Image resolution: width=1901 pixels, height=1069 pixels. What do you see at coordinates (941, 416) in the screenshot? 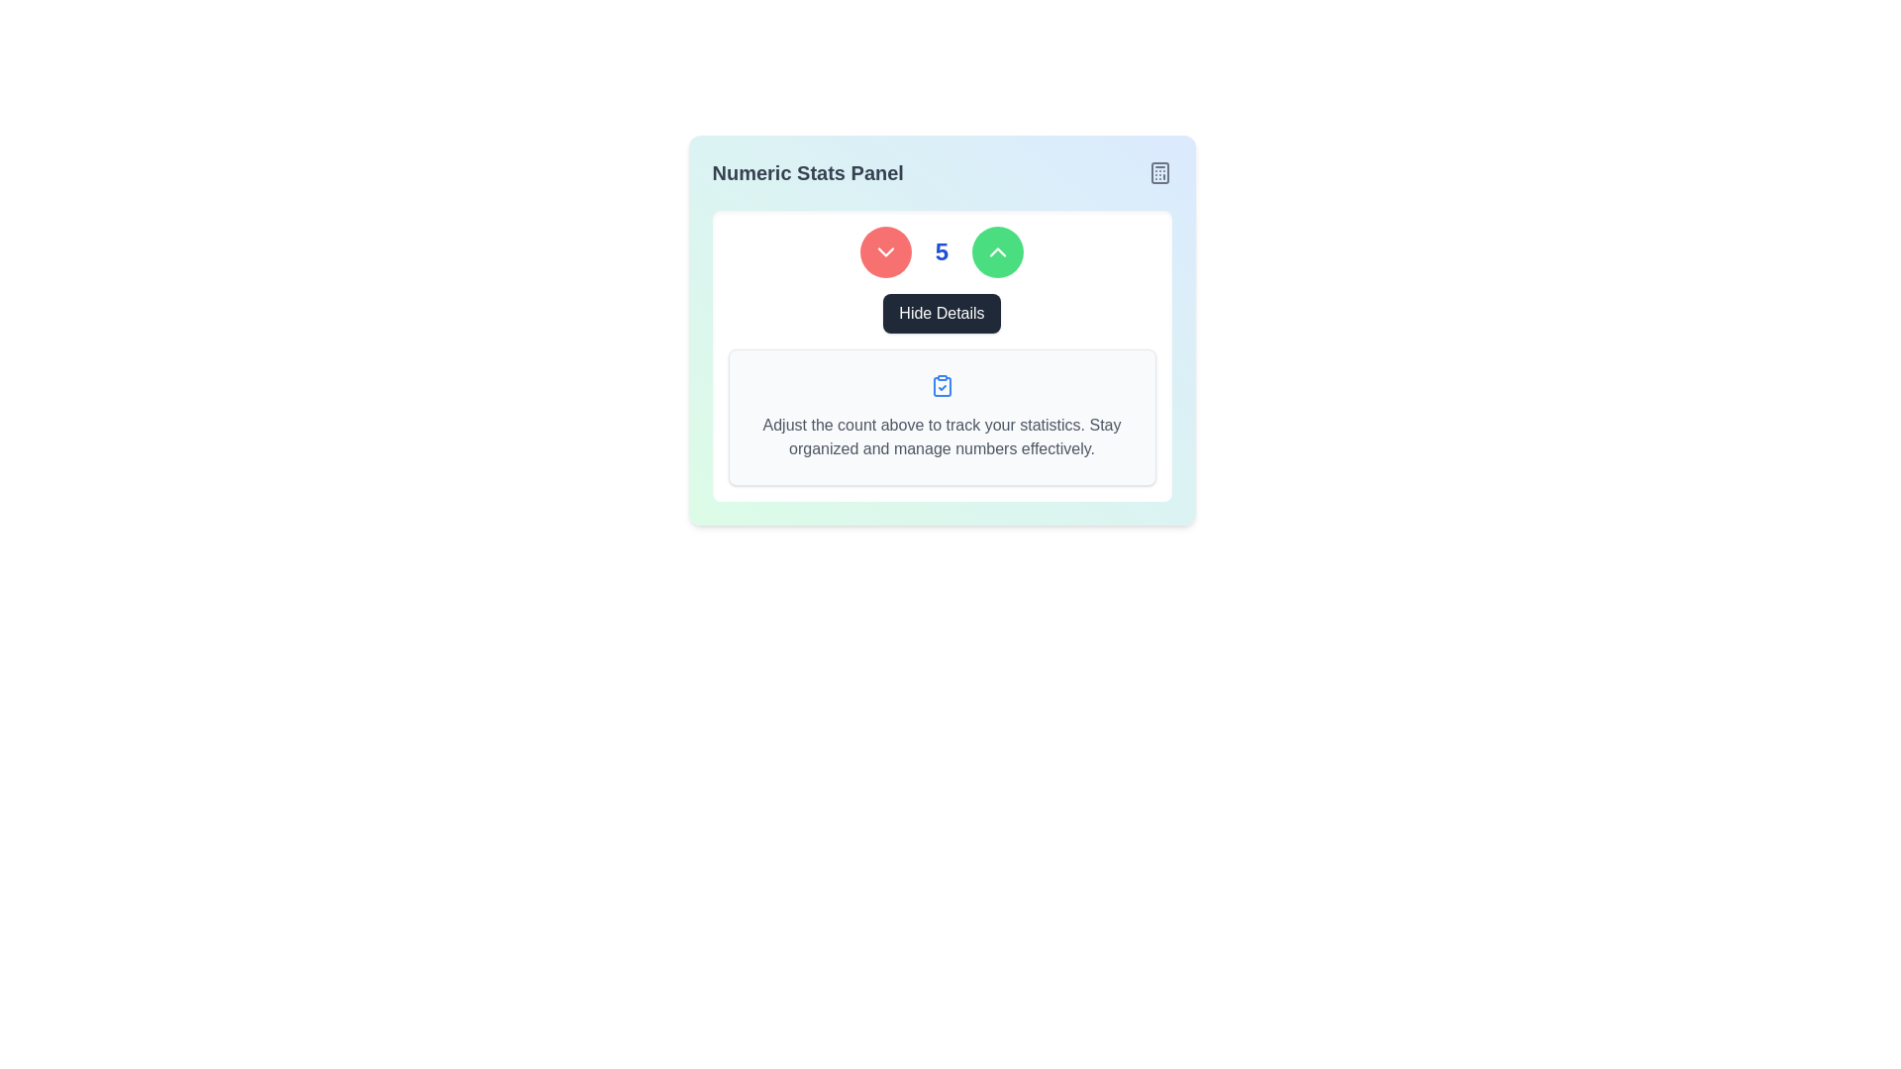
I see `the informational panel text block that provides guidance about the numeric counter, located below the numeric counter and 'Hide Details' button` at bounding box center [941, 416].